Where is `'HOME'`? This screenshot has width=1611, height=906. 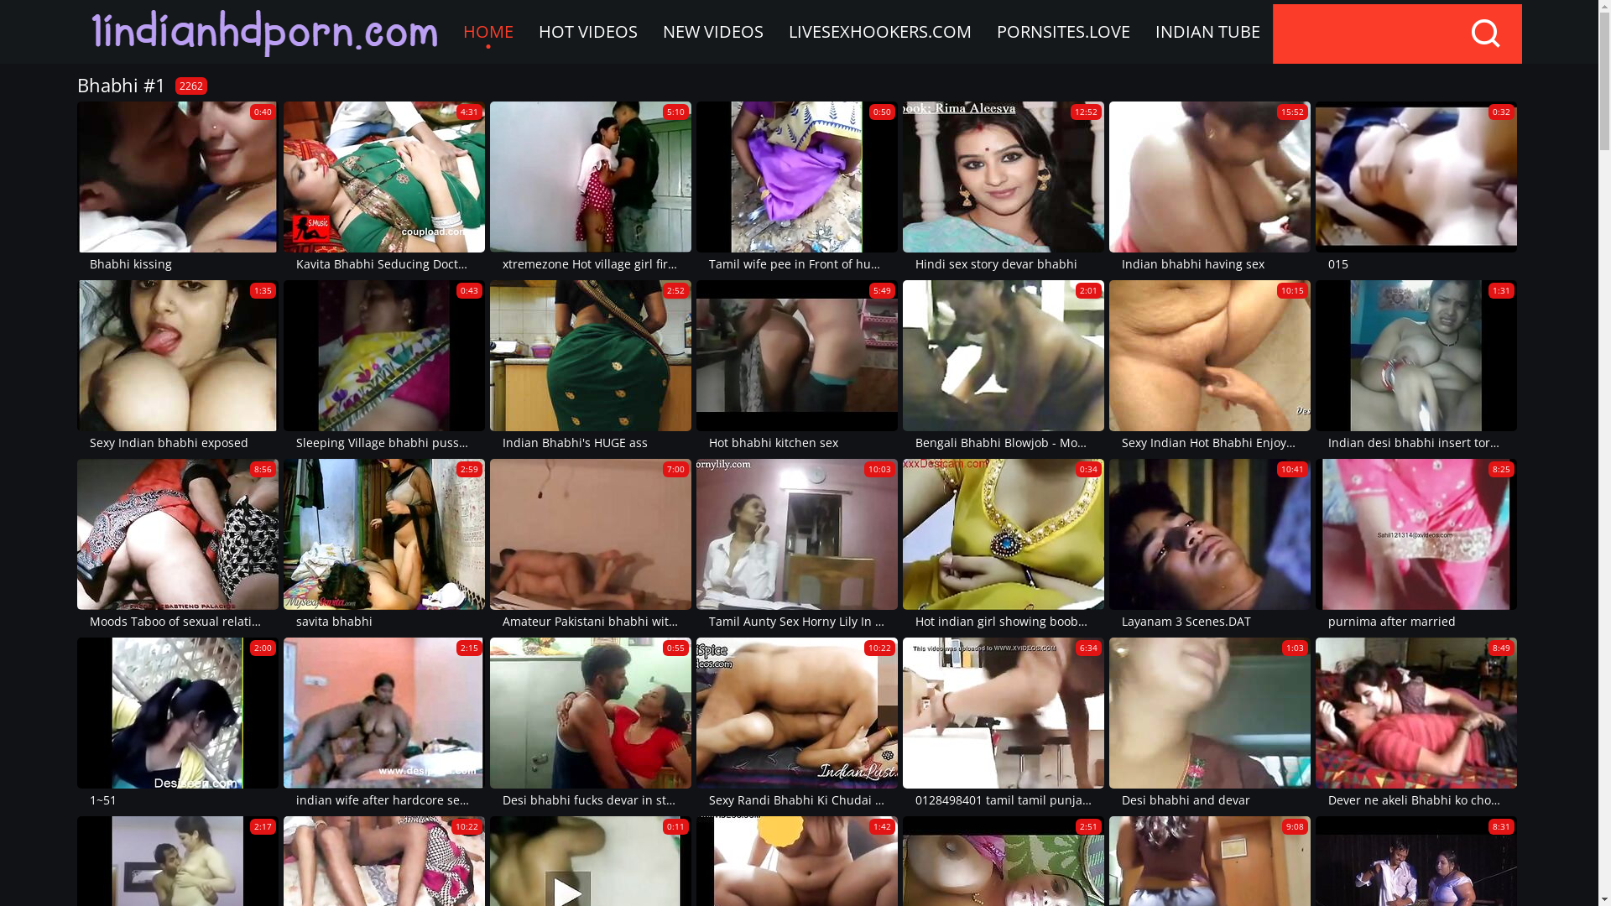
'HOME' is located at coordinates (450, 32).